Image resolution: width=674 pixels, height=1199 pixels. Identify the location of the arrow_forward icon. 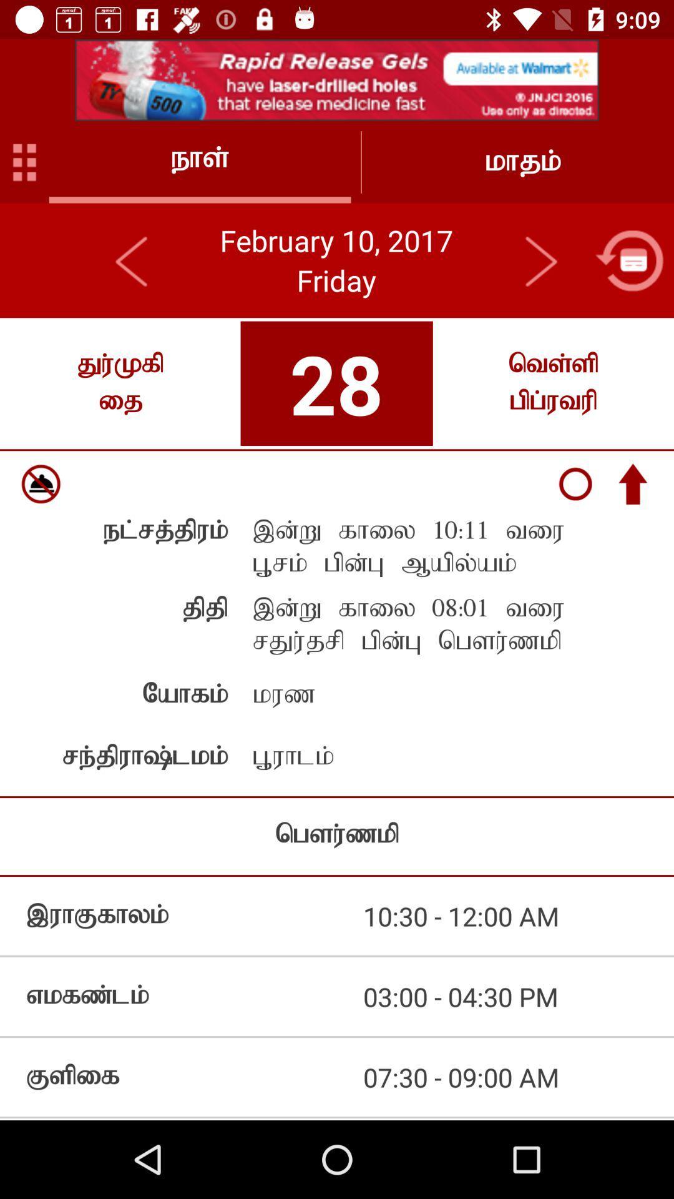
(540, 260).